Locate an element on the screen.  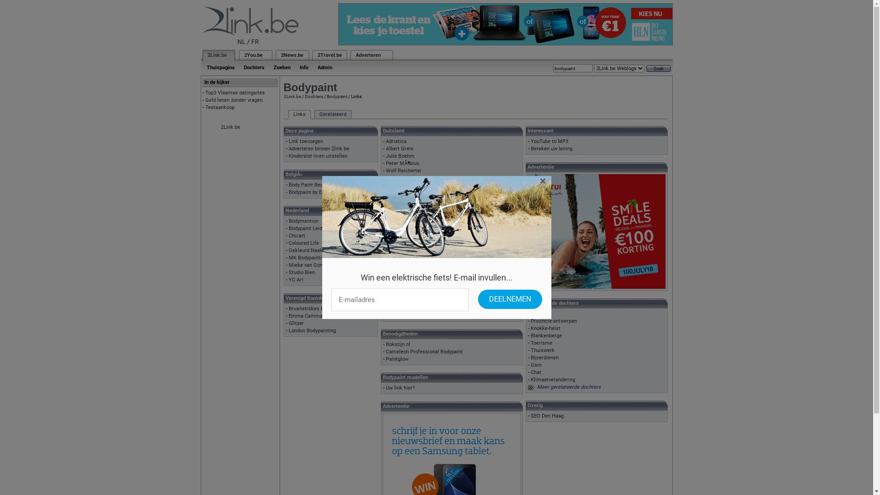
'Emma Cammack' is located at coordinates (308, 315).